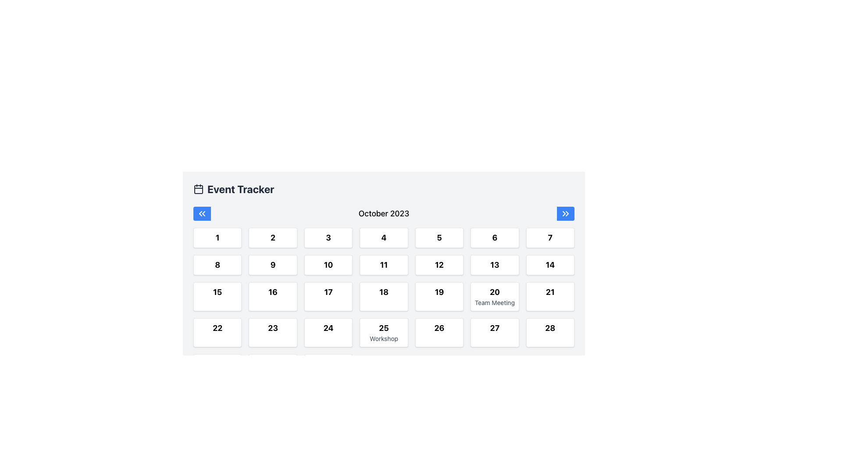 This screenshot has height=474, width=842. What do you see at coordinates (384, 338) in the screenshot?
I see `the text label displaying 'Workshop' in grayish color located below the number '25' in the calendar cell for October 25, 2023` at bounding box center [384, 338].